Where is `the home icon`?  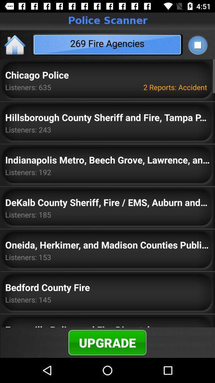 the home icon is located at coordinates (15, 44).